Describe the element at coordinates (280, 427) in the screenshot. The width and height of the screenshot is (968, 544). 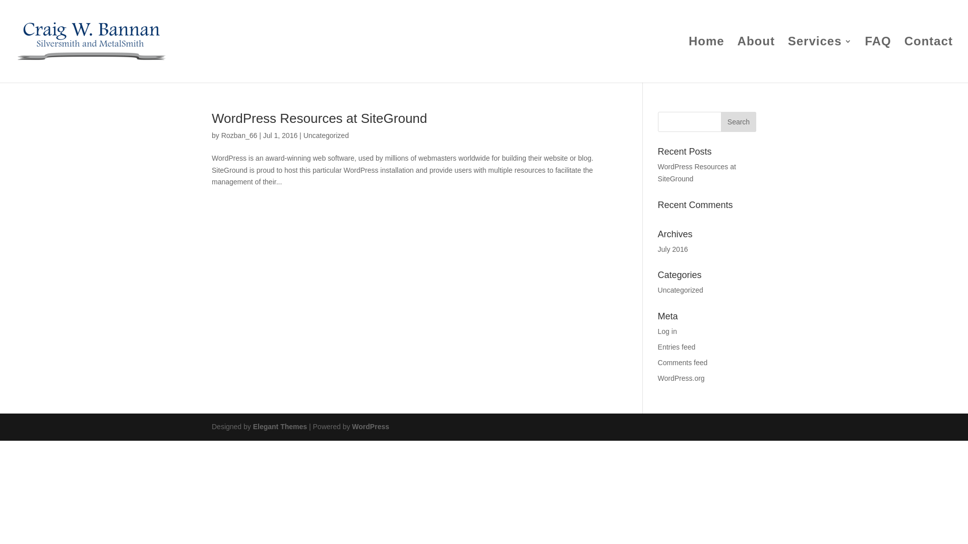
I see `'Elegant Themes'` at that location.